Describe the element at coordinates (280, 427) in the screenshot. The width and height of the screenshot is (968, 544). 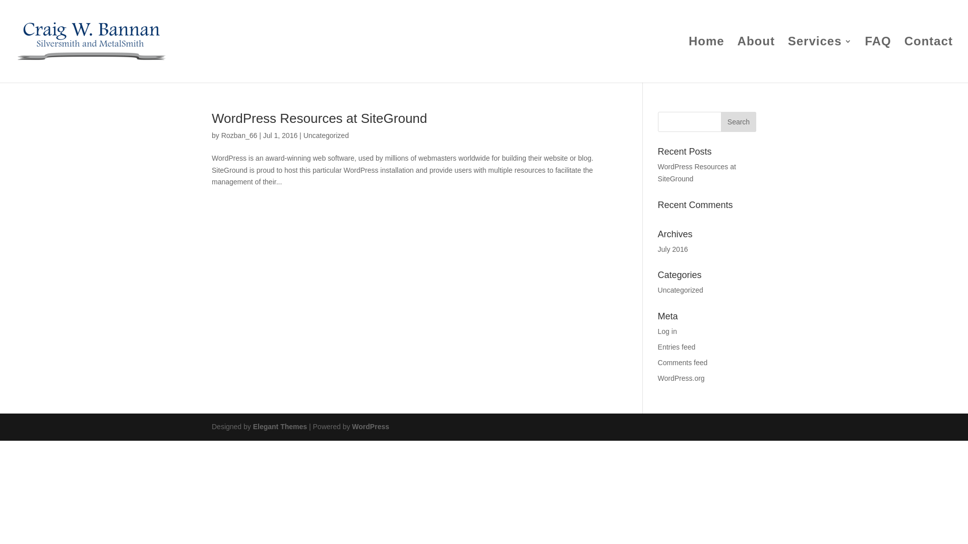
I see `'Elegant Themes'` at that location.